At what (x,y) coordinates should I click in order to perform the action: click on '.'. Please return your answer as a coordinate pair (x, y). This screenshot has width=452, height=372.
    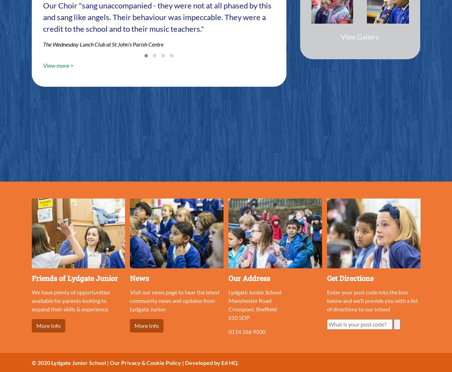
    Looking at the image, I should click on (237, 362).